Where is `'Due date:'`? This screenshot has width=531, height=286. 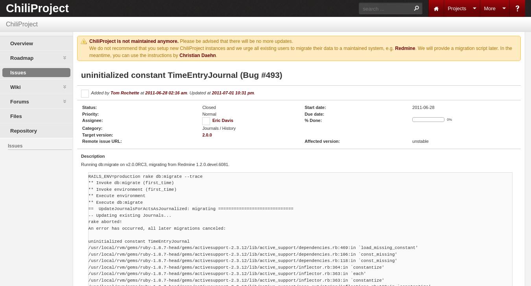 'Due date:' is located at coordinates (314, 113).